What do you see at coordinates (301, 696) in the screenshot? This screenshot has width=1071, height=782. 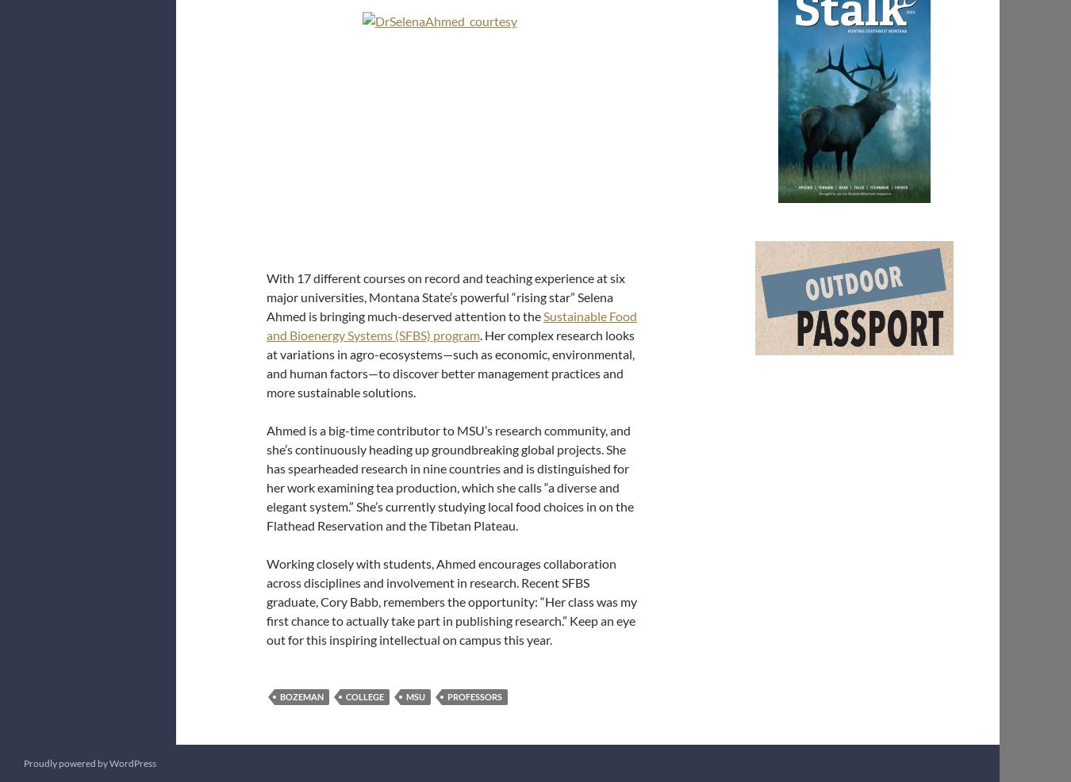 I see `'bozeman'` at bounding box center [301, 696].